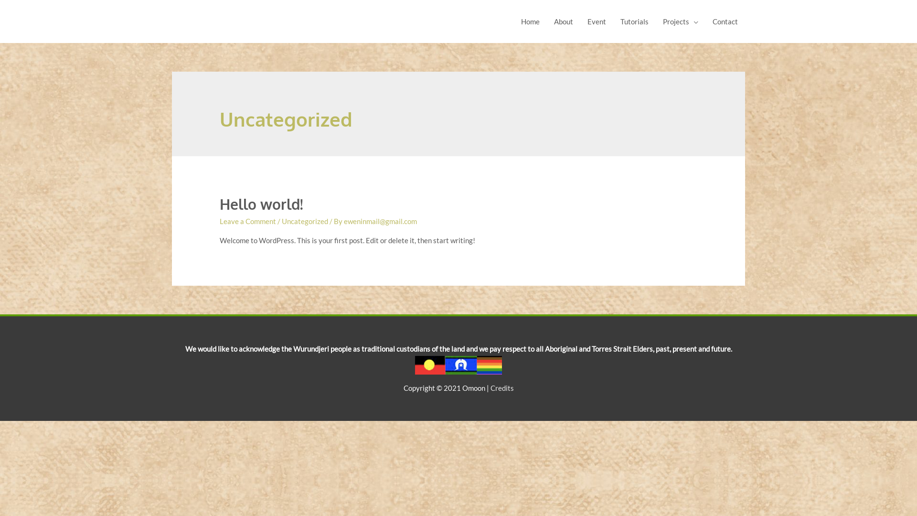  What do you see at coordinates (680, 21) in the screenshot?
I see `'Projects'` at bounding box center [680, 21].